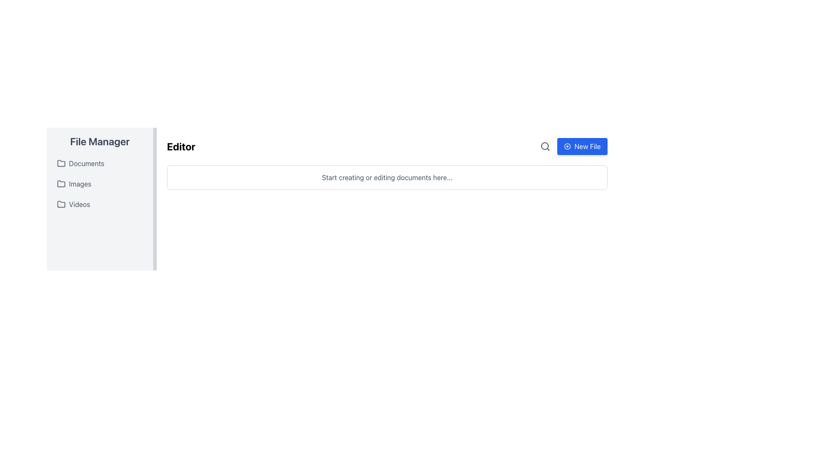  I want to click on the circular SVG shape with a radius of 10 units, which is part of an icon containing a '+' symbol, located adjacent to the 'New File' button, so click(567, 146).